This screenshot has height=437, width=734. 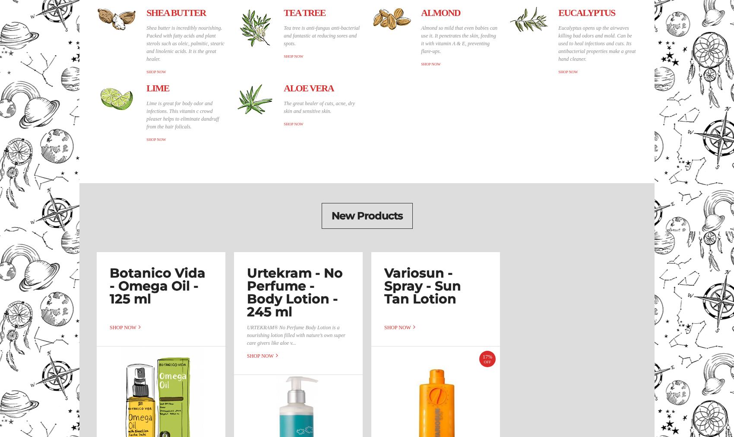 What do you see at coordinates (459, 39) in the screenshot?
I see `'Almond so mild that even babies can use it. It penetrates the skin, feeding it with vitamin A & E, preventing flare-ups.'` at bounding box center [459, 39].